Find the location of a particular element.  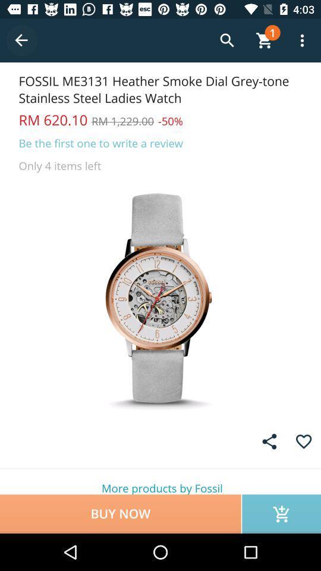

more products by icon is located at coordinates (160, 482).